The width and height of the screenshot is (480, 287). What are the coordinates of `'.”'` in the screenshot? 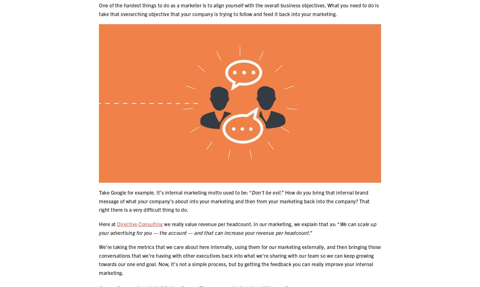 It's located at (309, 232).